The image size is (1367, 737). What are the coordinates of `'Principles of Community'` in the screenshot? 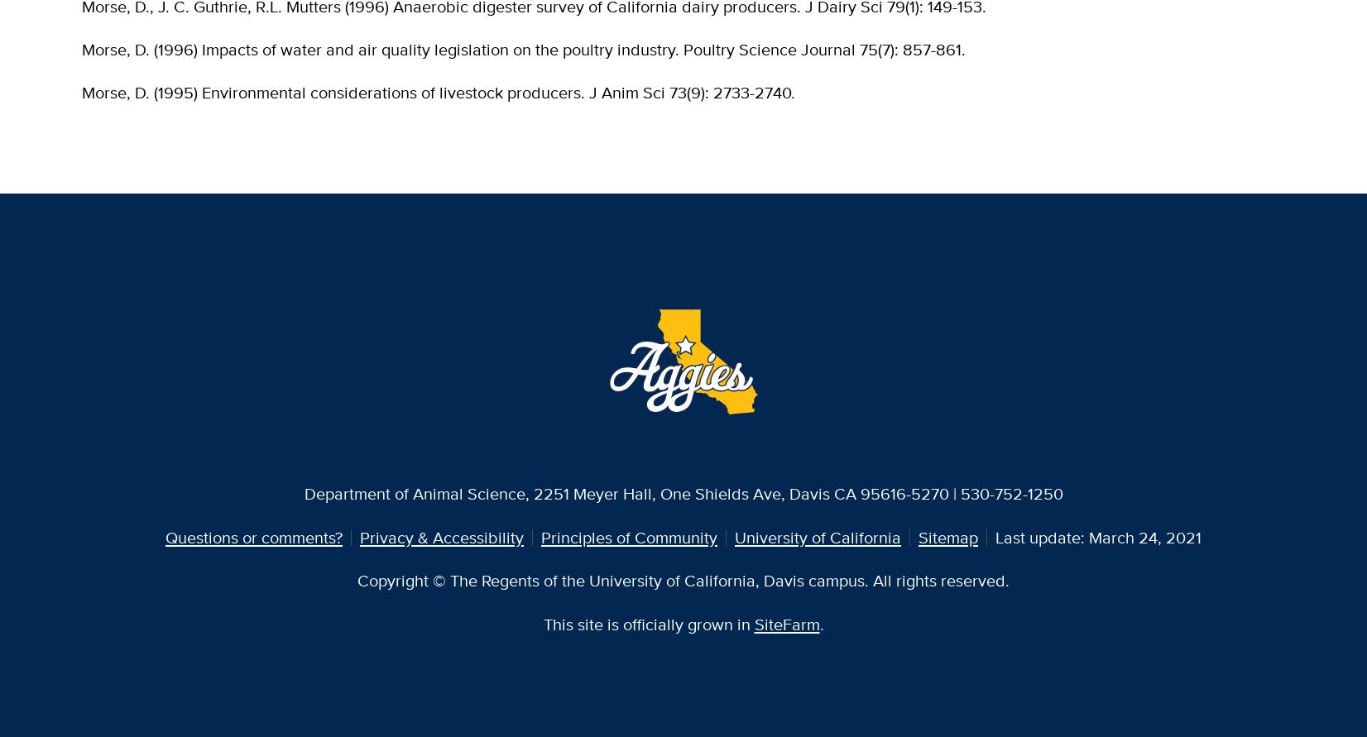 It's located at (629, 535).